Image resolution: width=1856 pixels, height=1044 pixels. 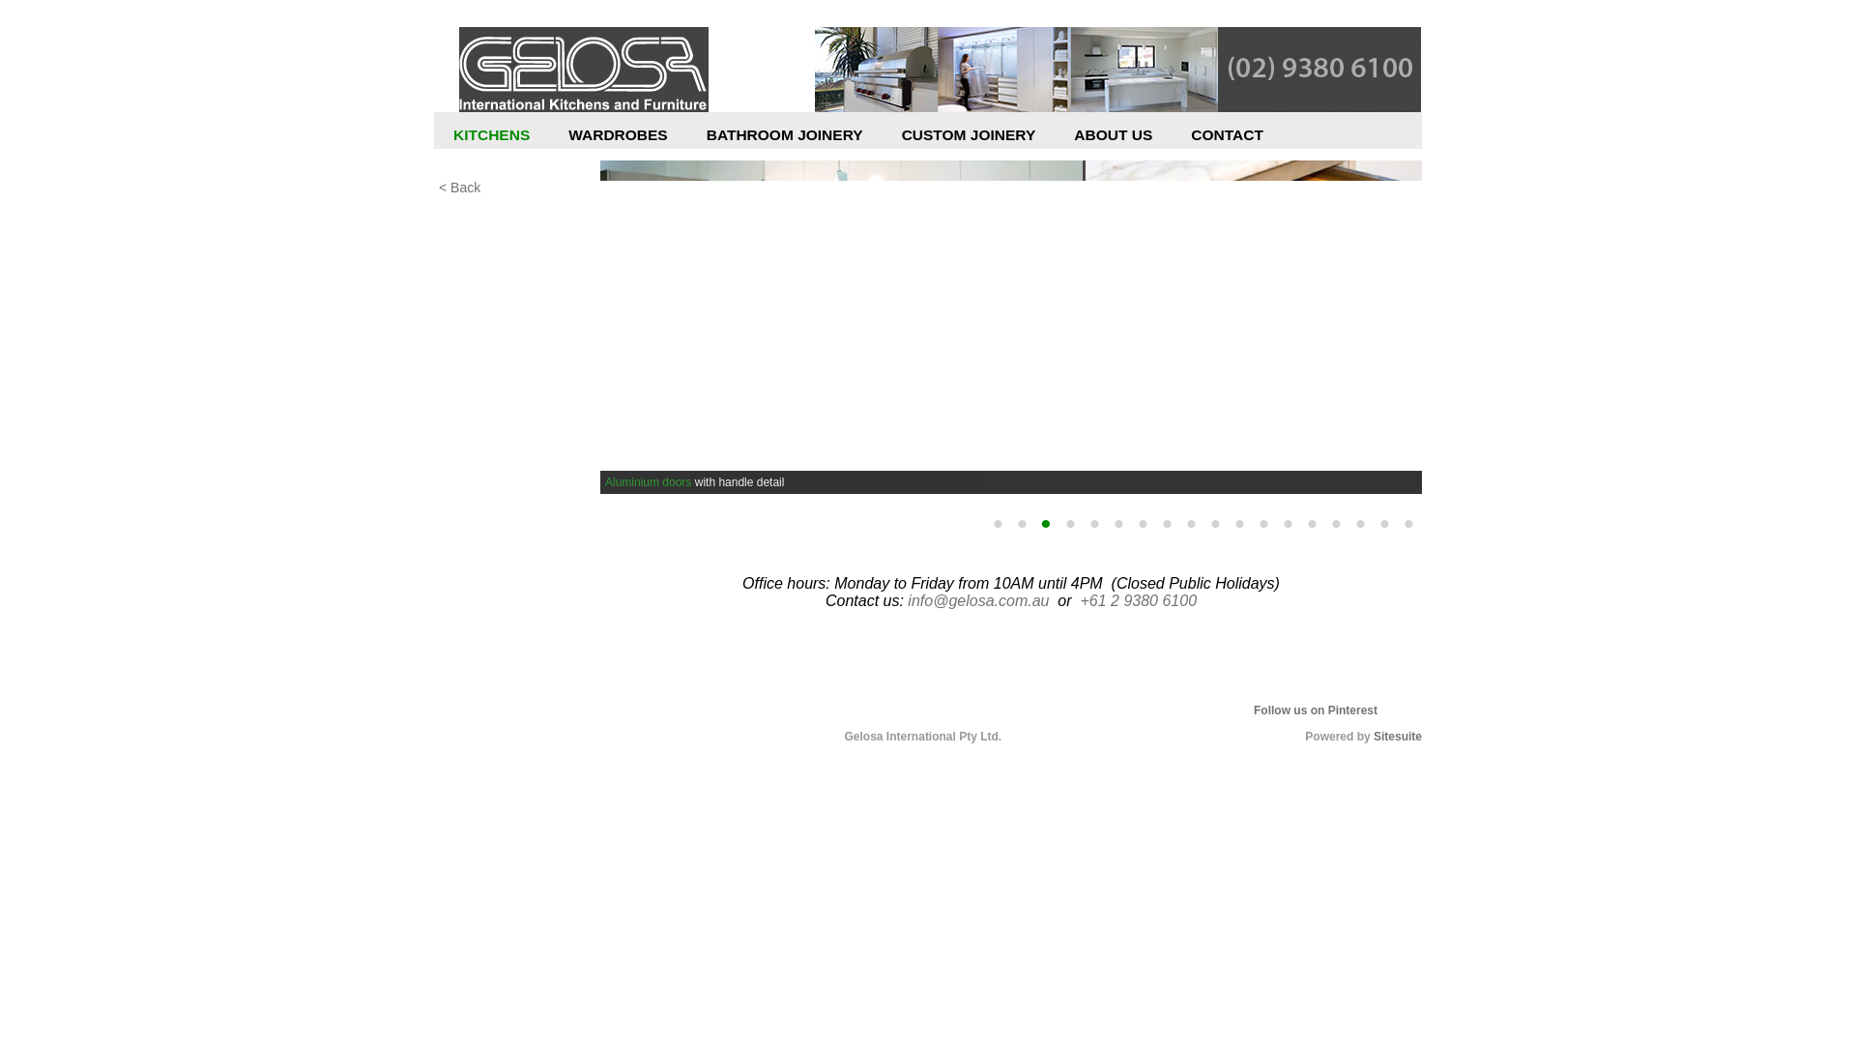 I want to click on '+61 2 9380 6100', so click(x=1079, y=599).